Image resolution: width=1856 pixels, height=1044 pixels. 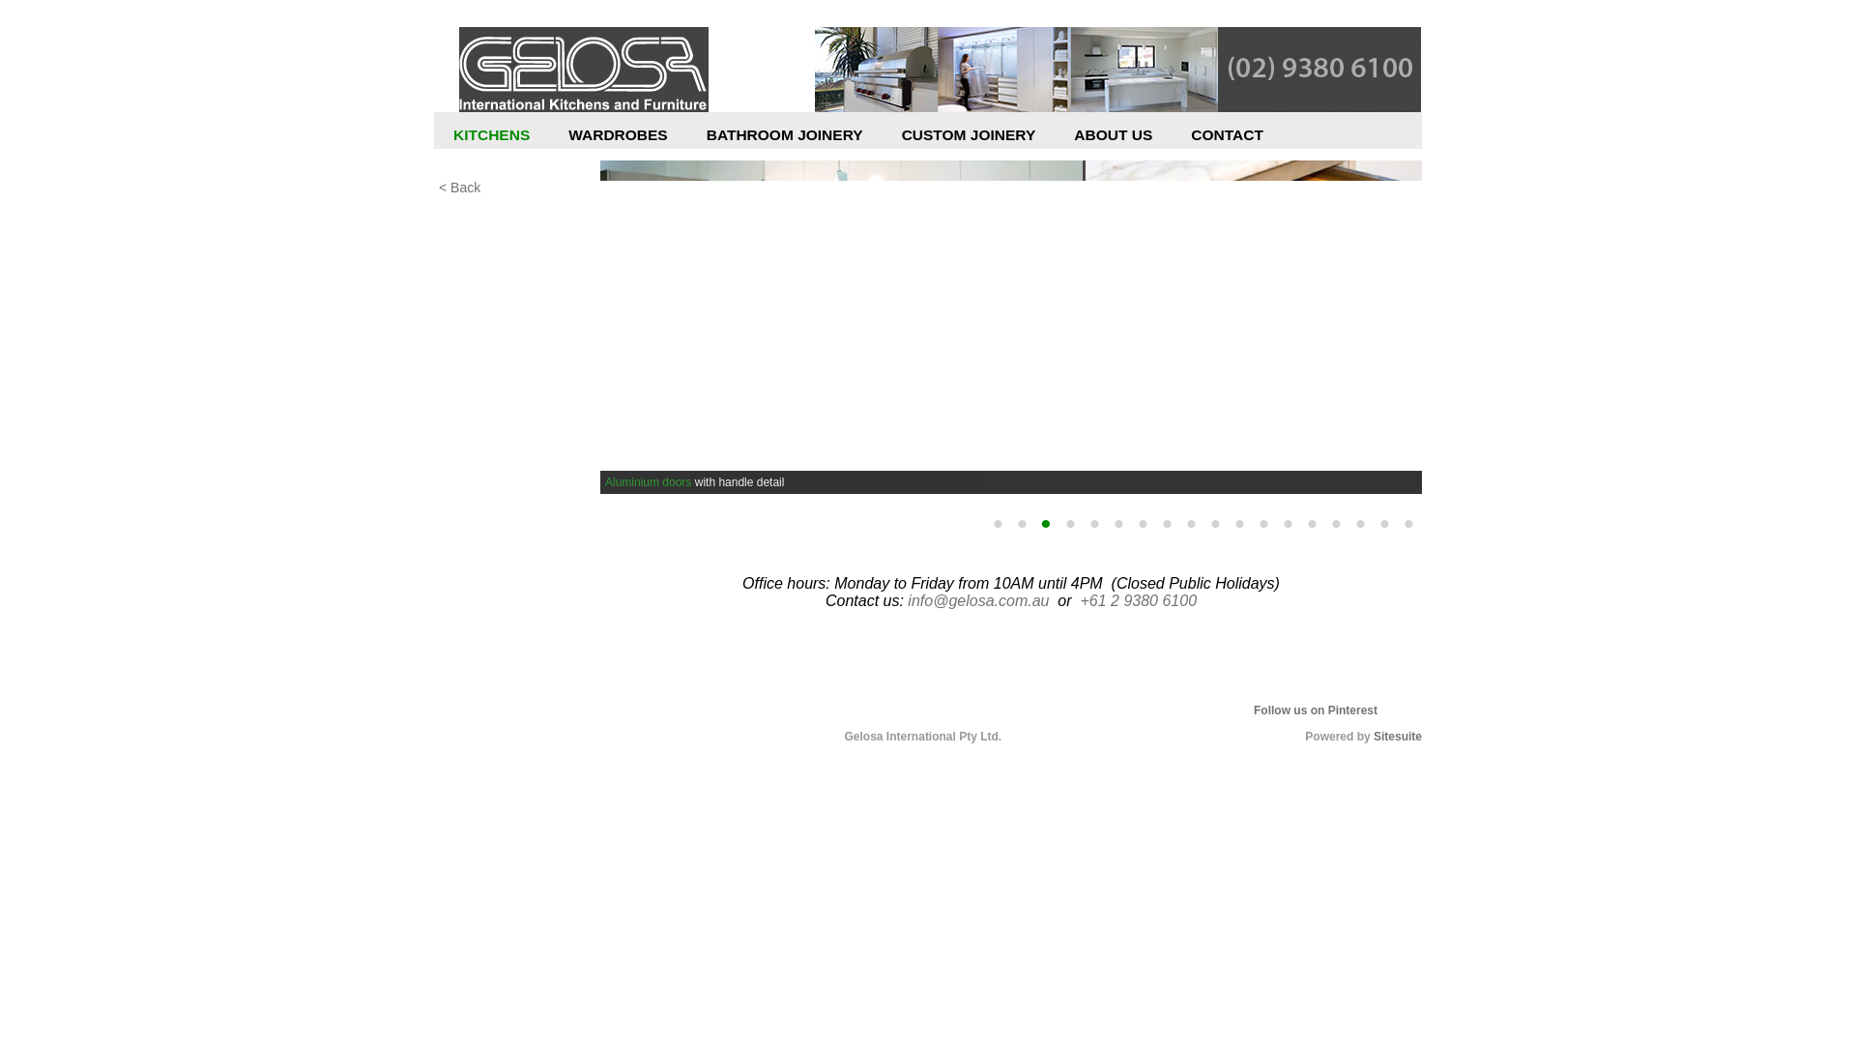 I want to click on '+61 2 9380 6100', so click(x=1079, y=599).